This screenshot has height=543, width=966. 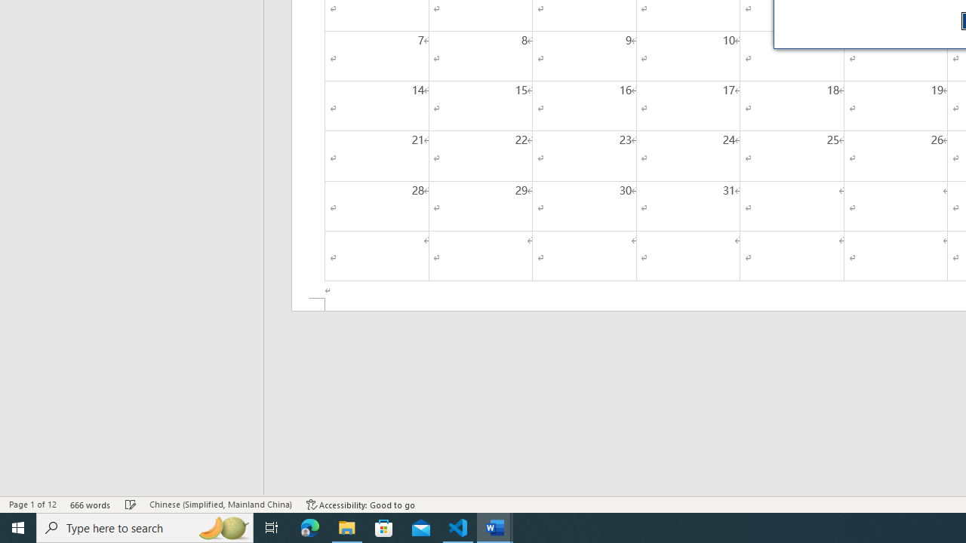 What do you see at coordinates (90, 505) in the screenshot?
I see `'Word Count 666 words'` at bounding box center [90, 505].